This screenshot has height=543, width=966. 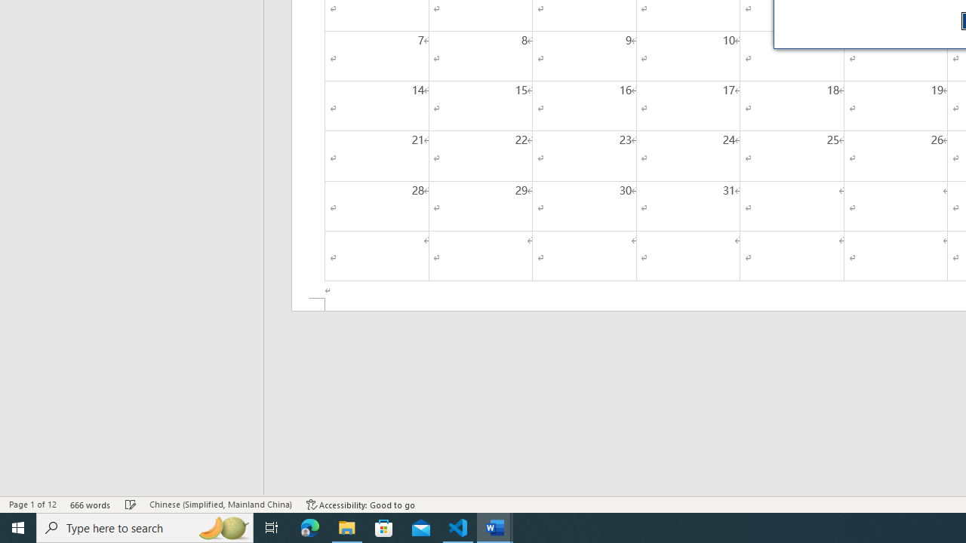 What do you see at coordinates (90, 505) in the screenshot?
I see `'Word Count 666 words'` at bounding box center [90, 505].